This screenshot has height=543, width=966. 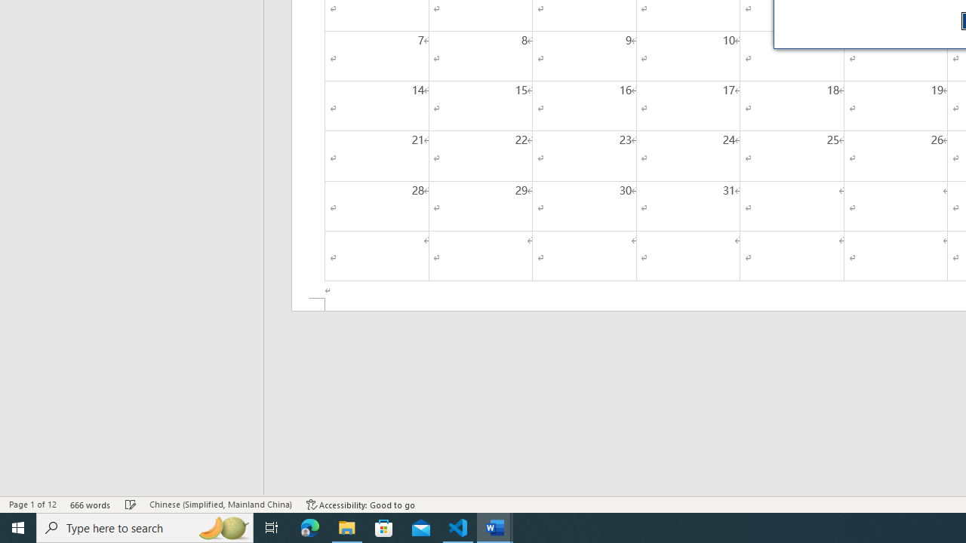 What do you see at coordinates (90, 505) in the screenshot?
I see `'Word Count 666 words'` at bounding box center [90, 505].